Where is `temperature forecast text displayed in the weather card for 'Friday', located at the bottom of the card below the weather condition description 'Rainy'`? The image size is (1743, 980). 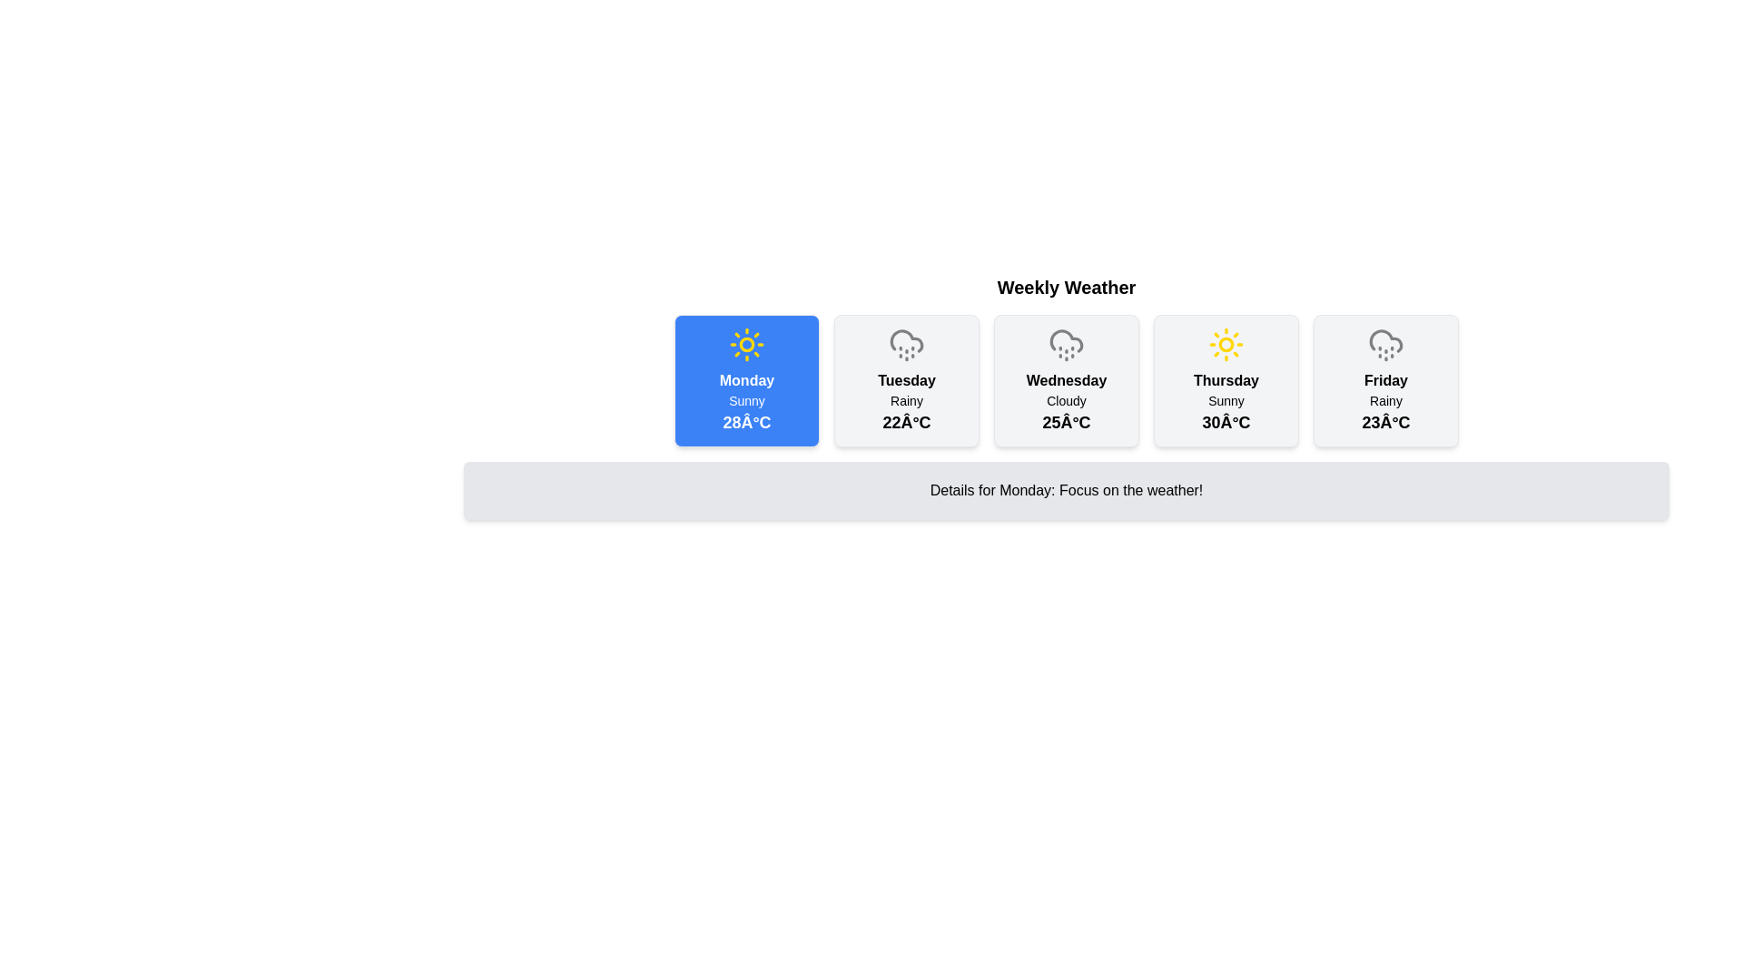
temperature forecast text displayed in the weather card for 'Friday', located at the bottom of the card below the weather condition description 'Rainy' is located at coordinates (1384, 423).